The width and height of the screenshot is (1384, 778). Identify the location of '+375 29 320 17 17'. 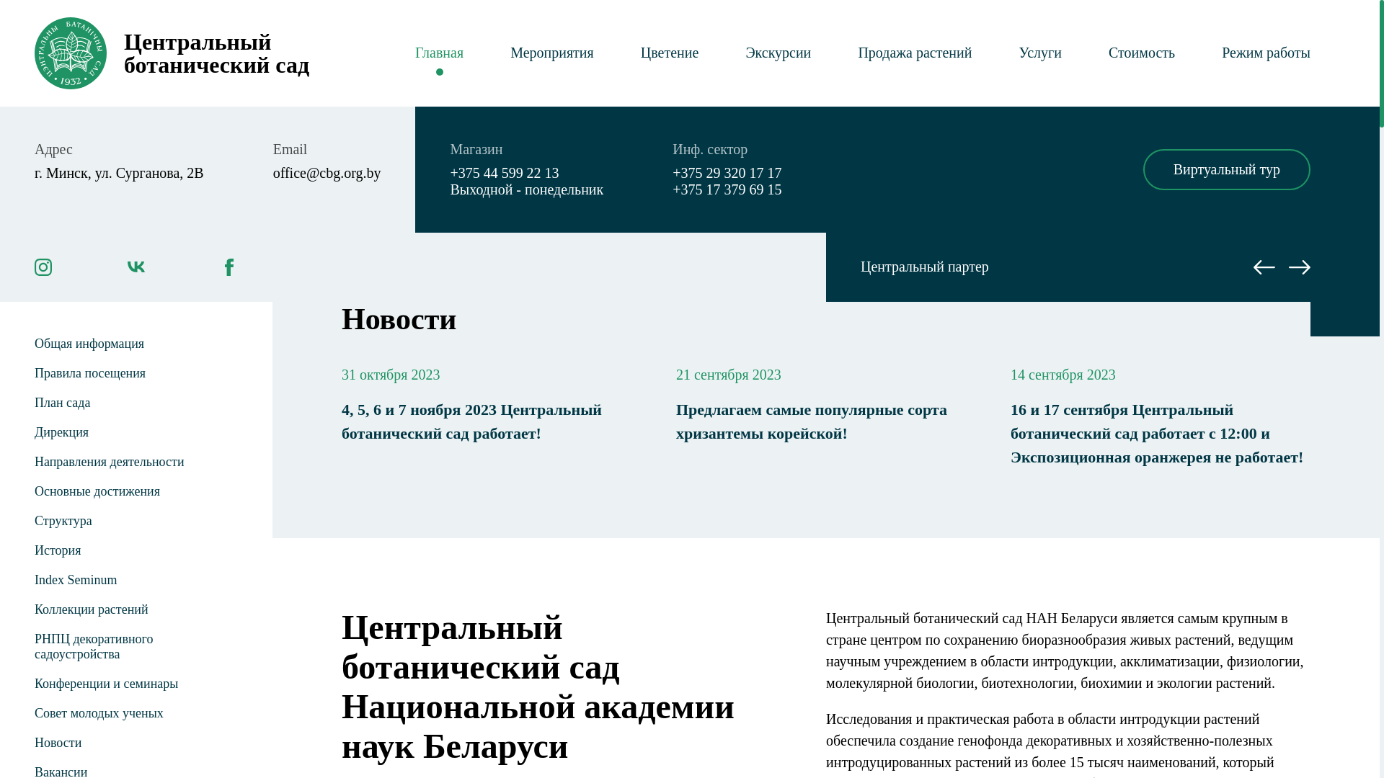
(671, 172).